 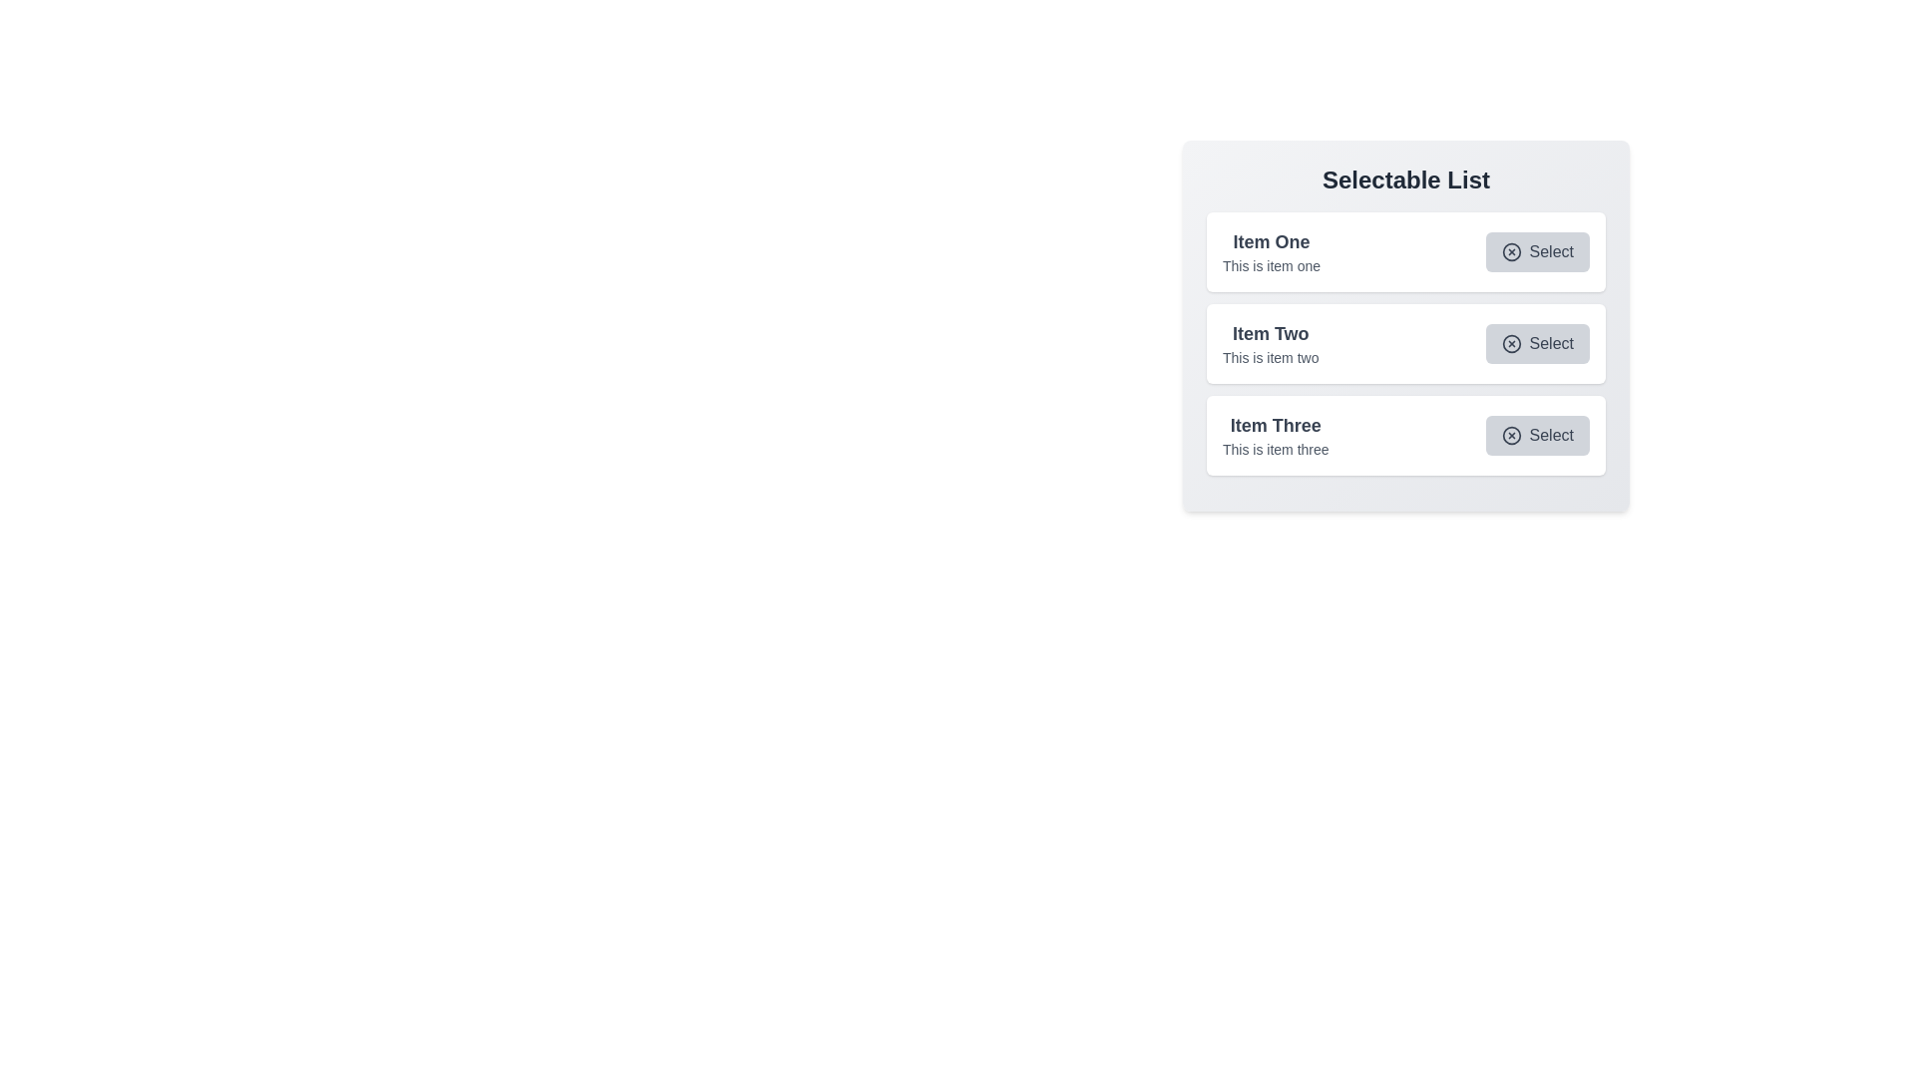 I want to click on the description of the list item Item Three, so click(x=1274, y=425).